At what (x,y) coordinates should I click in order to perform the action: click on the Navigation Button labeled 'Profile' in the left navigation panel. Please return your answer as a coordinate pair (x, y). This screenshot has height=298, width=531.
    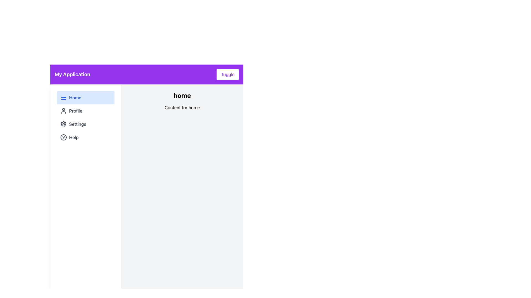
    Looking at the image, I should click on (85, 111).